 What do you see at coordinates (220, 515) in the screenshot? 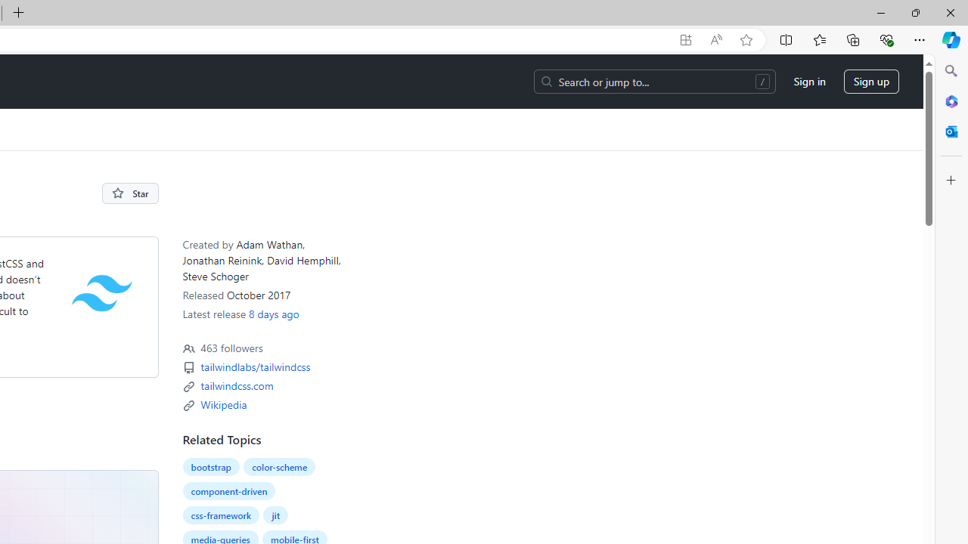
I see `'css-framework'` at bounding box center [220, 515].